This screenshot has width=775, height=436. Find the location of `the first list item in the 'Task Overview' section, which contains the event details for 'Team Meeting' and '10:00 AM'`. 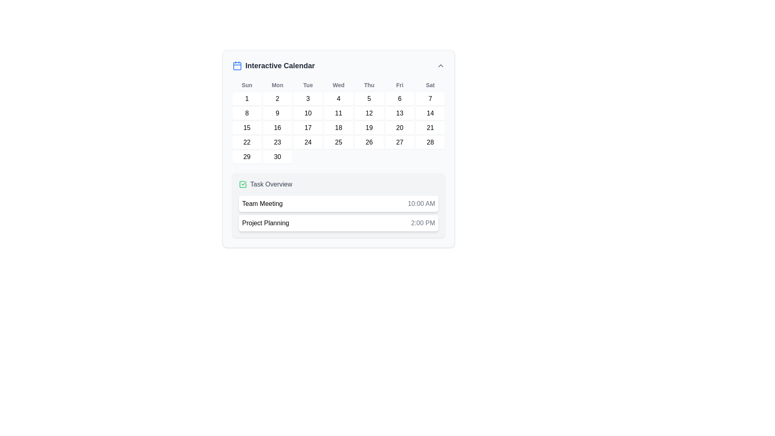

the first list item in the 'Task Overview' section, which contains the event details for 'Team Meeting' and '10:00 AM' is located at coordinates (339, 203).